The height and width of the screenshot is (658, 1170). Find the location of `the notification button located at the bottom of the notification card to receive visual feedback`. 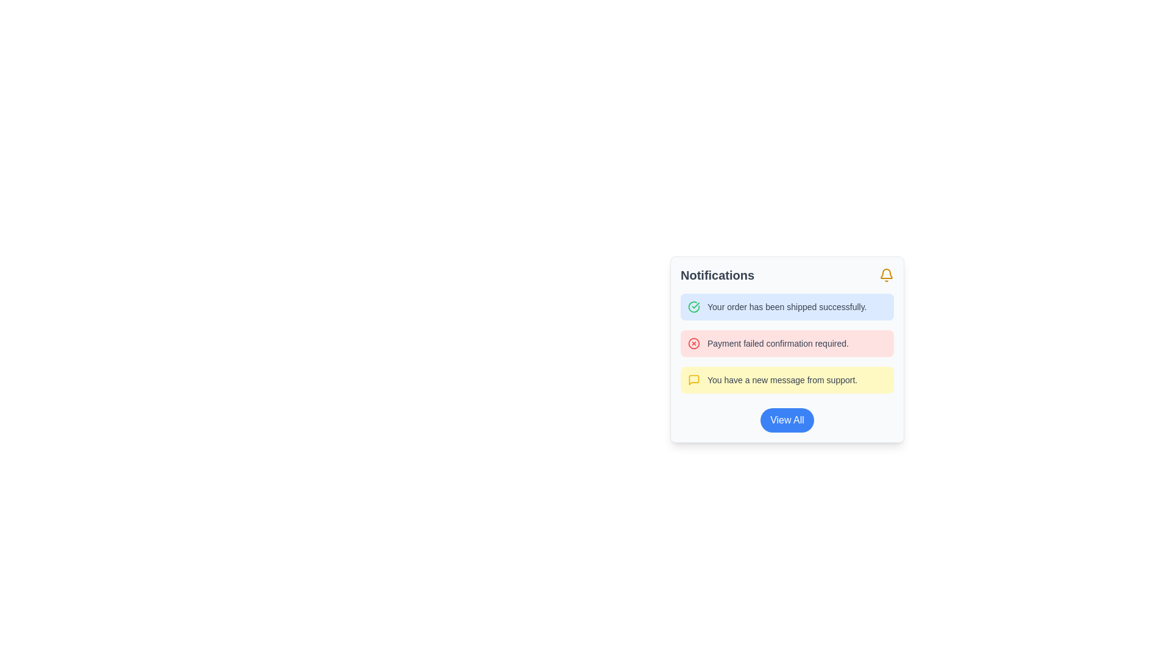

the notification button located at the bottom of the notification card to receive visual feedback is located at coordinates (787, 420).